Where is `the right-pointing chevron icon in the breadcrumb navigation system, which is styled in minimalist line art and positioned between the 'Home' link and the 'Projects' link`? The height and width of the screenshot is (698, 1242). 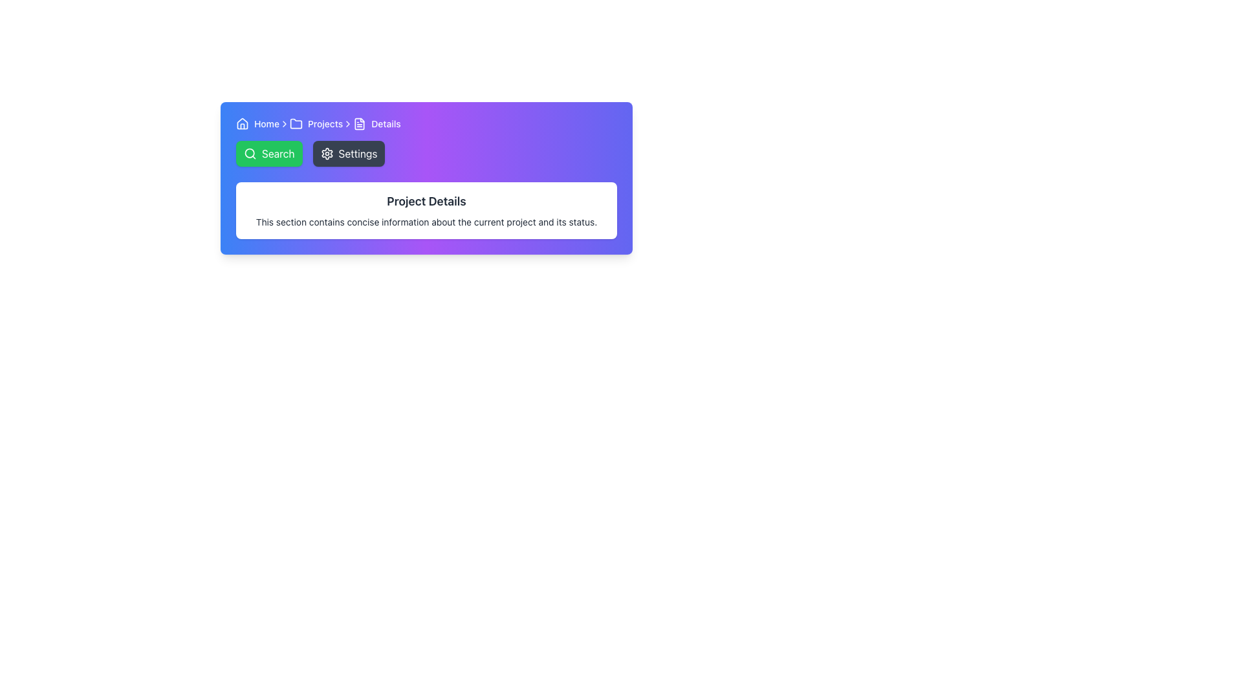 the right-pointing chevron icon in the breadcrumb navigation system, which is styled in minimalist line art and positioned between the 'Home' link and the 'Projects' link is located at coordinates (284, 124).